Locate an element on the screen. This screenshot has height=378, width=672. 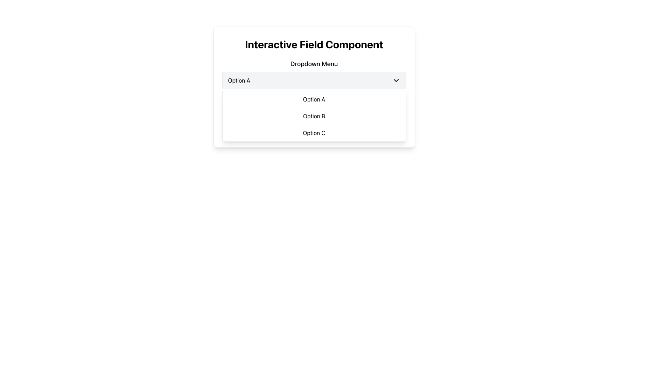
the Dropdown menu located beneath the title 'Interactive Field Component' and the subtitle 'Dropdown Menu' for visual feedback is located at coordinates (314, 87).